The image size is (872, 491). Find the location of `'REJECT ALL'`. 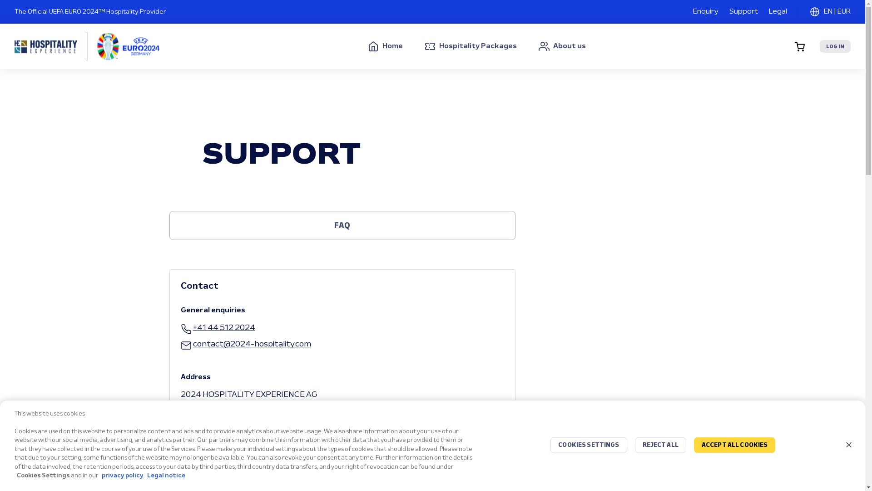

'REJECT ALL' is located at coordinates (660, 445).